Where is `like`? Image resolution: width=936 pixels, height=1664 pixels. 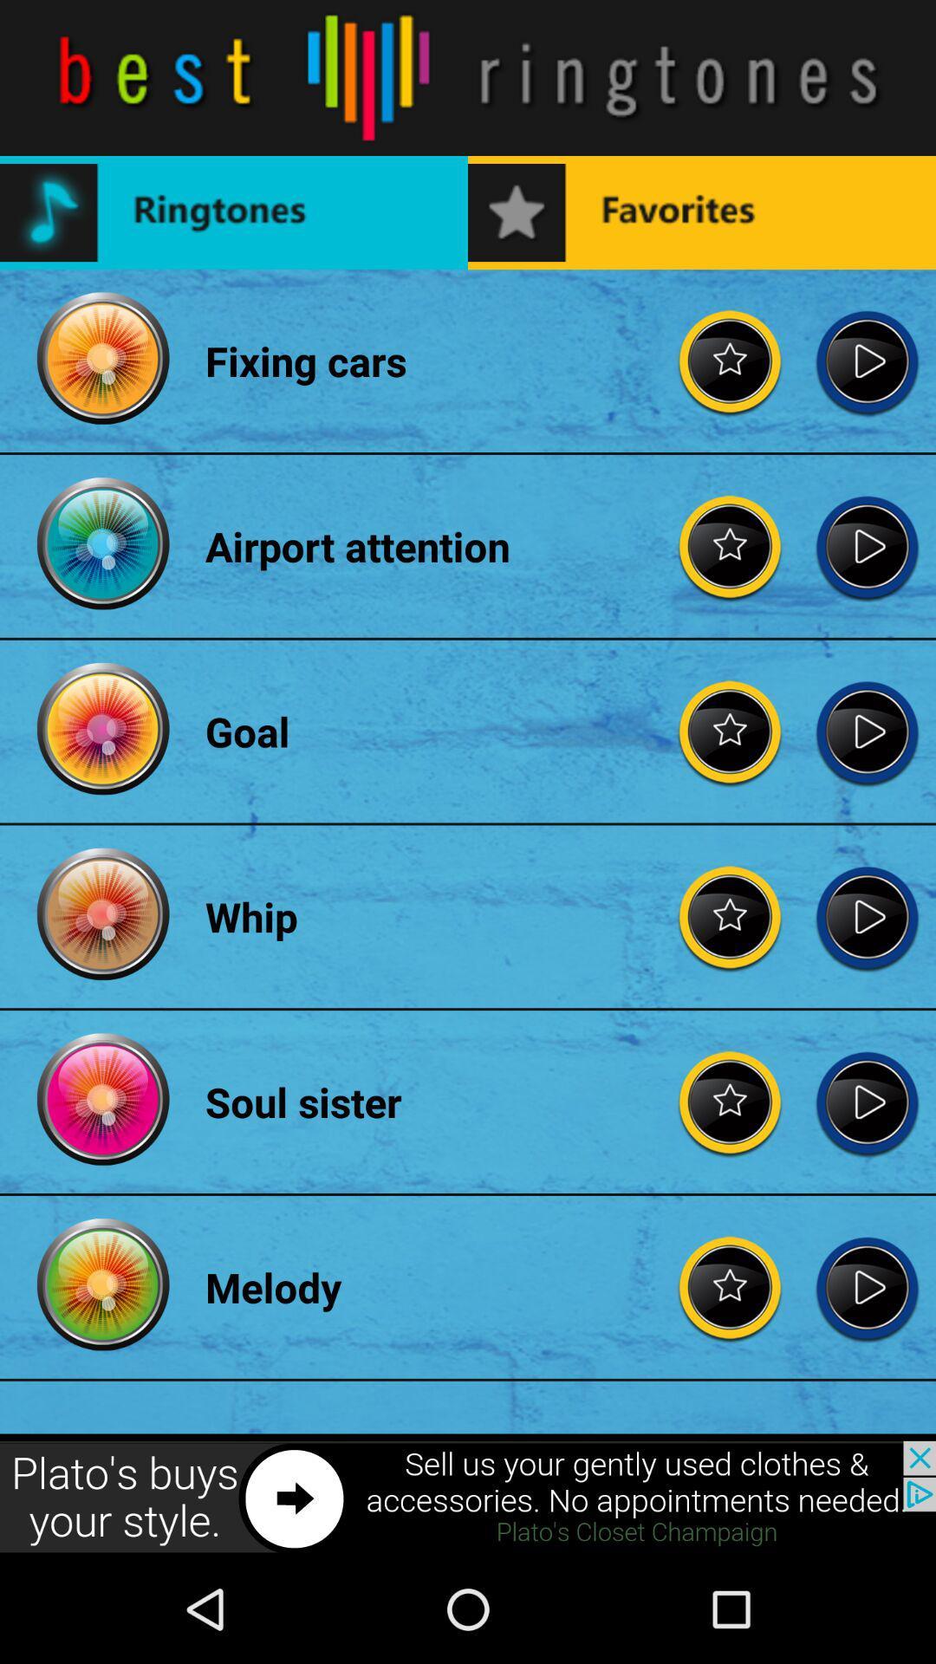 like is located at coordinates (731, 360).